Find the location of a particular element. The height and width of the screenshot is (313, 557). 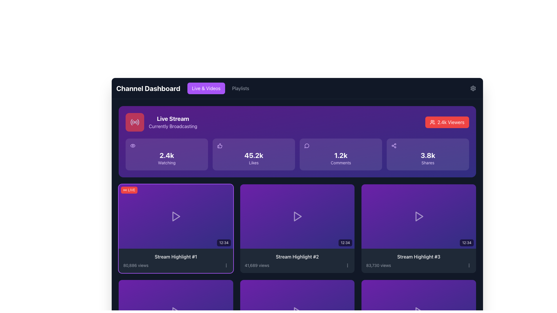

the settings icon button, represented by a gear icon, located is located at coordinates (473, 88).